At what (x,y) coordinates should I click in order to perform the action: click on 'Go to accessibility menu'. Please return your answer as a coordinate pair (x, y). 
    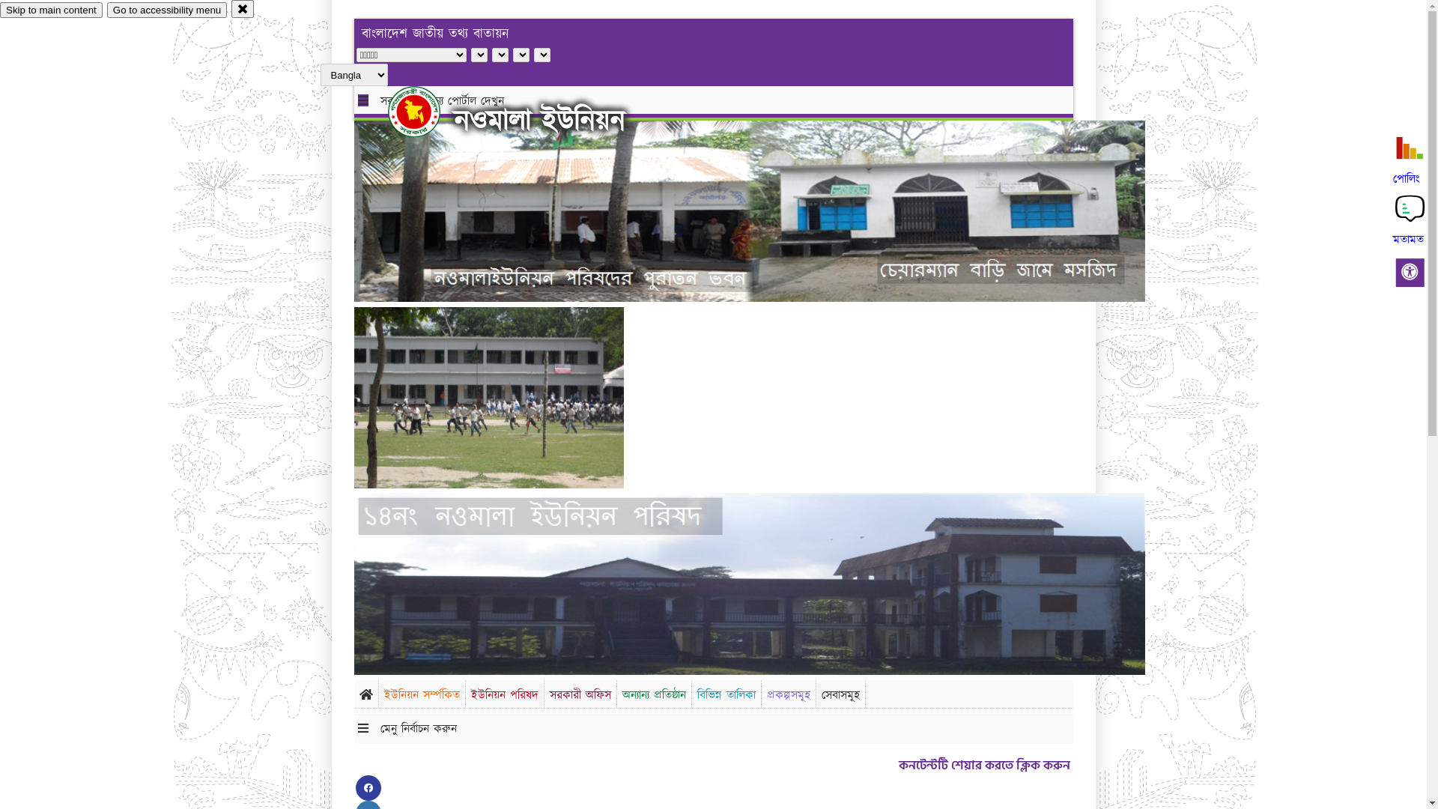
    Looking at the image, I should click on (106, 10).